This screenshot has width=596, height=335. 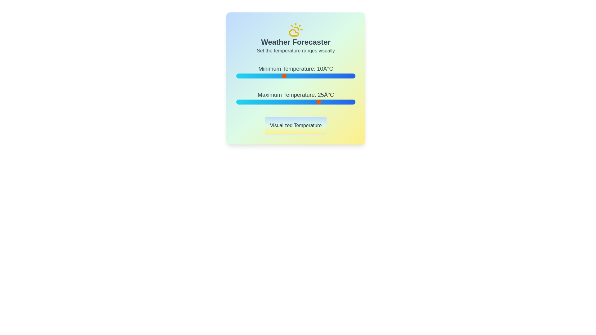 What do you see at coordinates (258, 76) in the screenshot?
I see `the minimum temperature slider to -1°C` at bounding box center [258, 76].